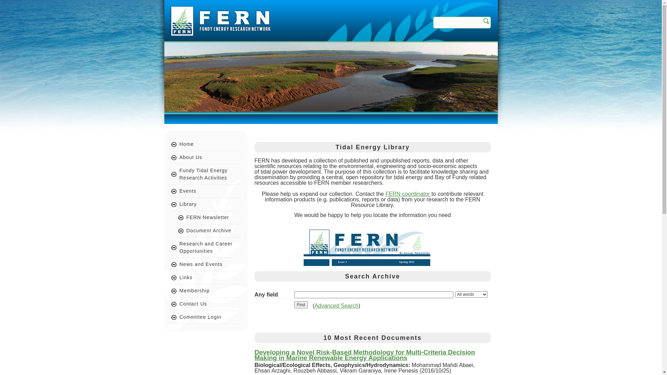  I want to click on 'Research and Career Opportunities', so click(205, 247).